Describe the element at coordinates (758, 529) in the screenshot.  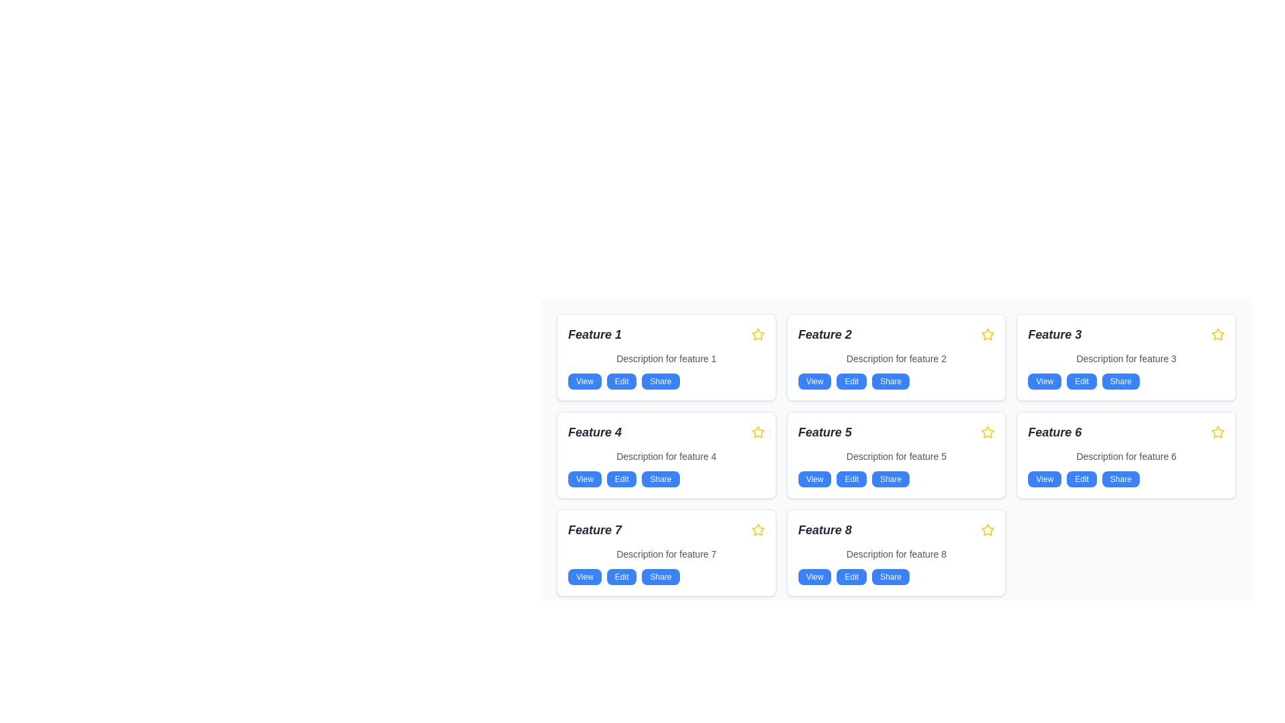
I see `the star-shaped icon located in the top-right corner of the card labeled 'Feature 7'` at that location.